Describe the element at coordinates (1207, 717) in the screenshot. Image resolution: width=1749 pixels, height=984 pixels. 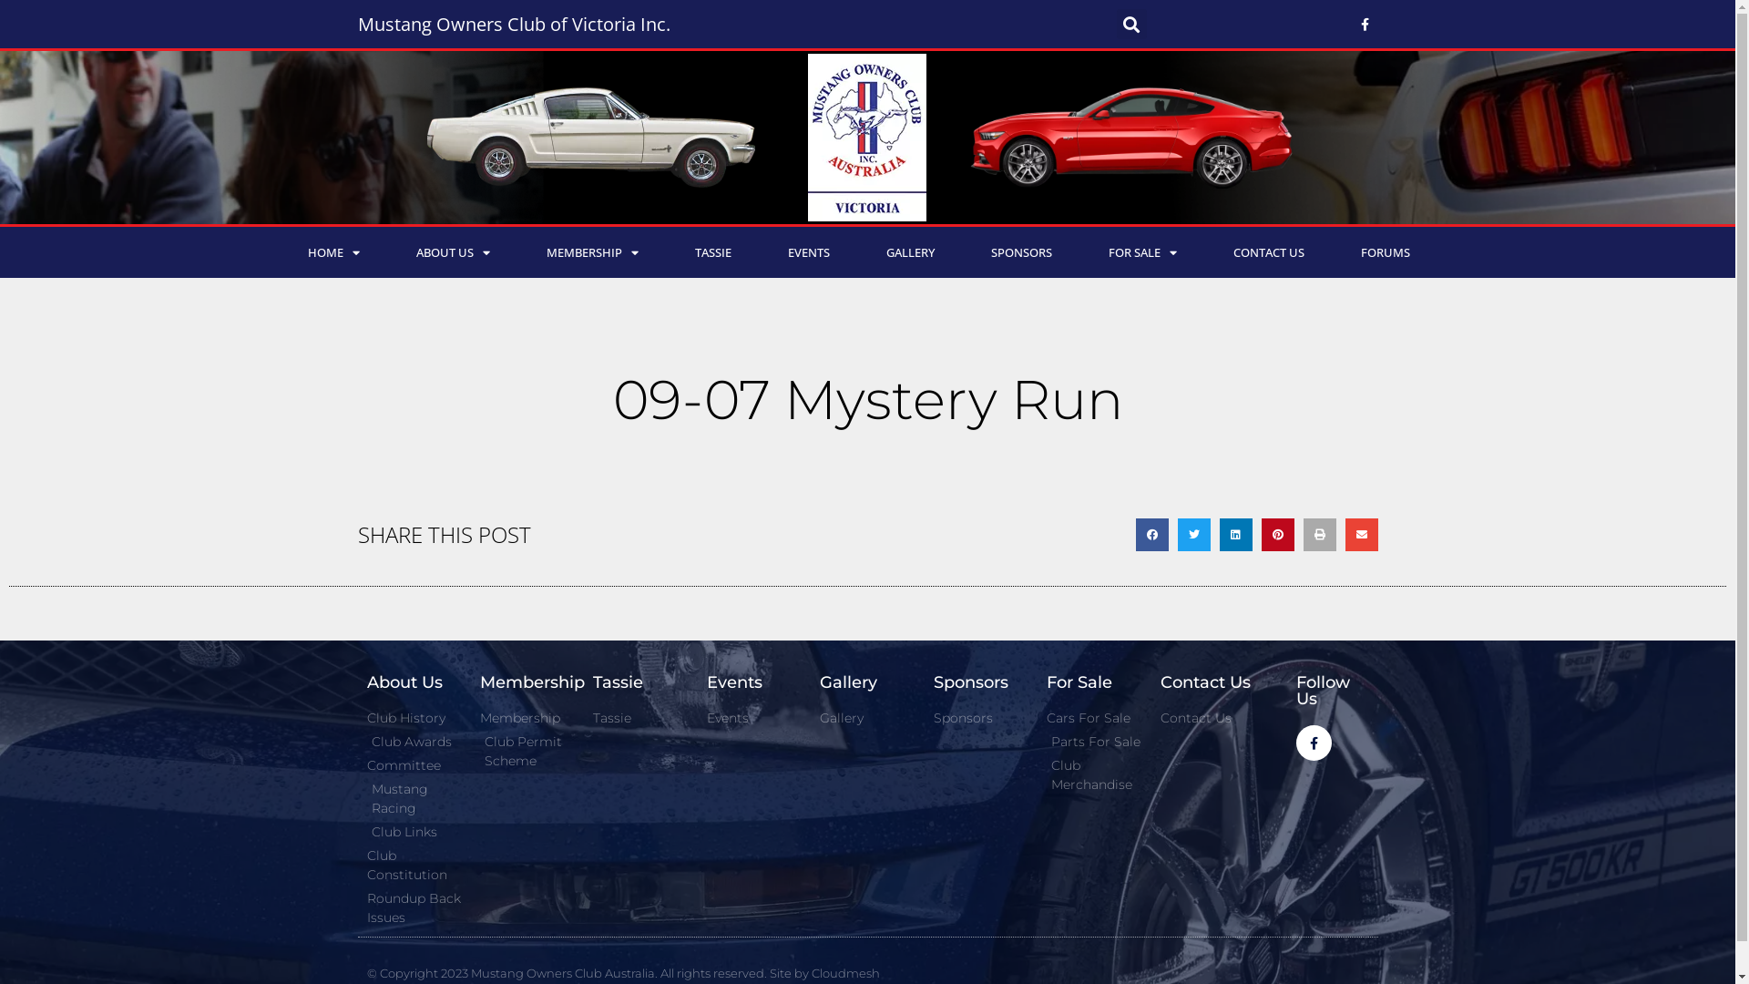
I see `'Contact Us'` at that location.